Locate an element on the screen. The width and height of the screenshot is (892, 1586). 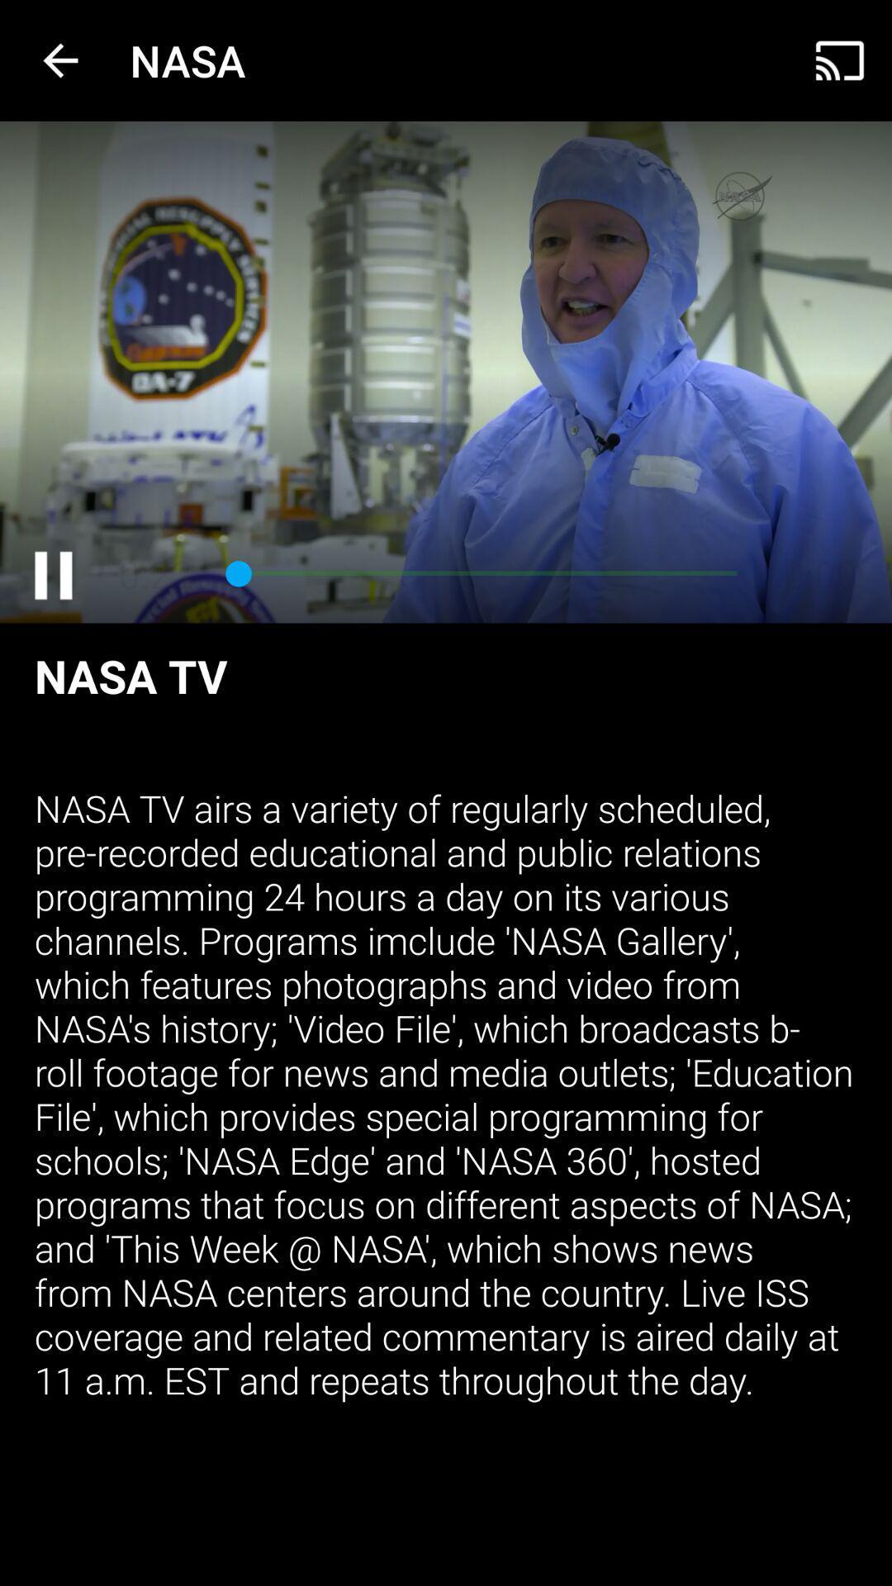
the pause icon is located at coordinates (52, 574).